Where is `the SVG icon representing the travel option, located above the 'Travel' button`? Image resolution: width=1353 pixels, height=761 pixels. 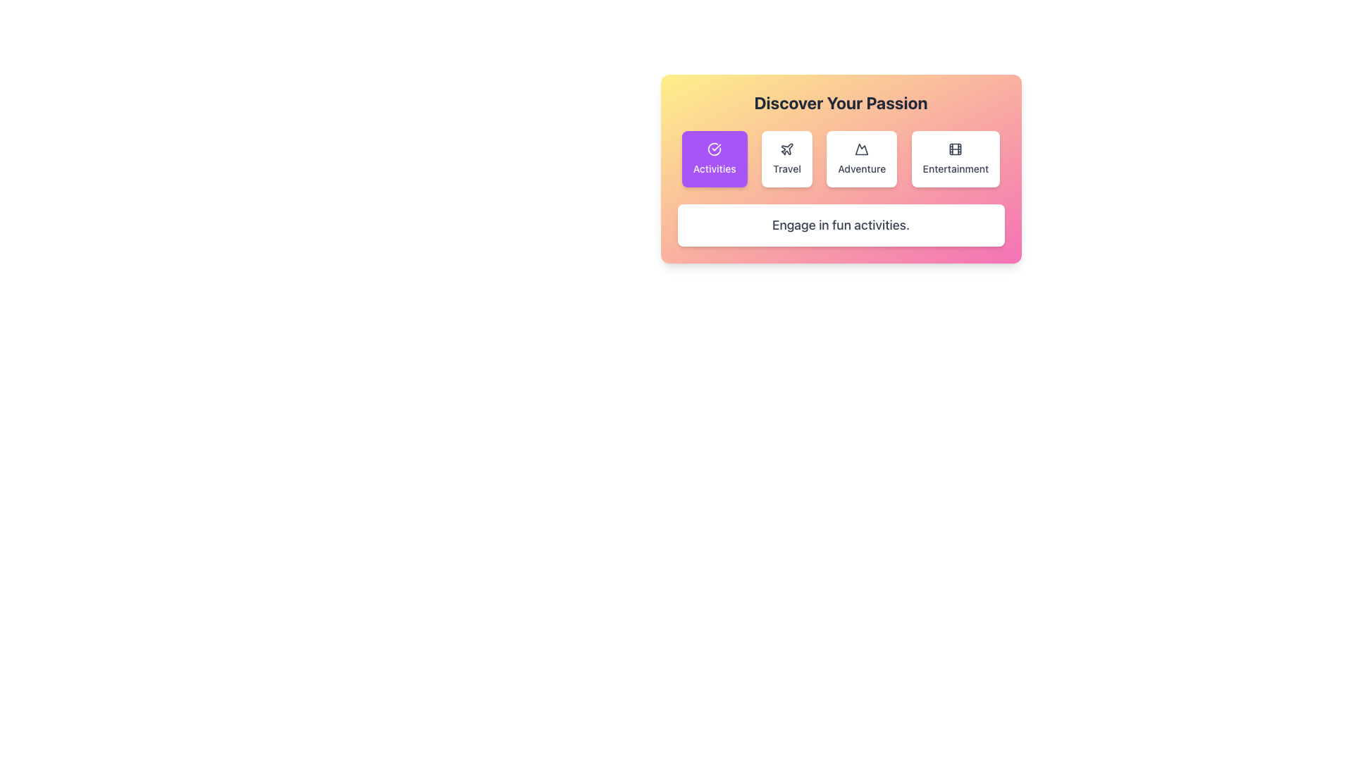
the SVG icon representing the travel option, located above the 'Travel' button is located at coordinates (786, 149).